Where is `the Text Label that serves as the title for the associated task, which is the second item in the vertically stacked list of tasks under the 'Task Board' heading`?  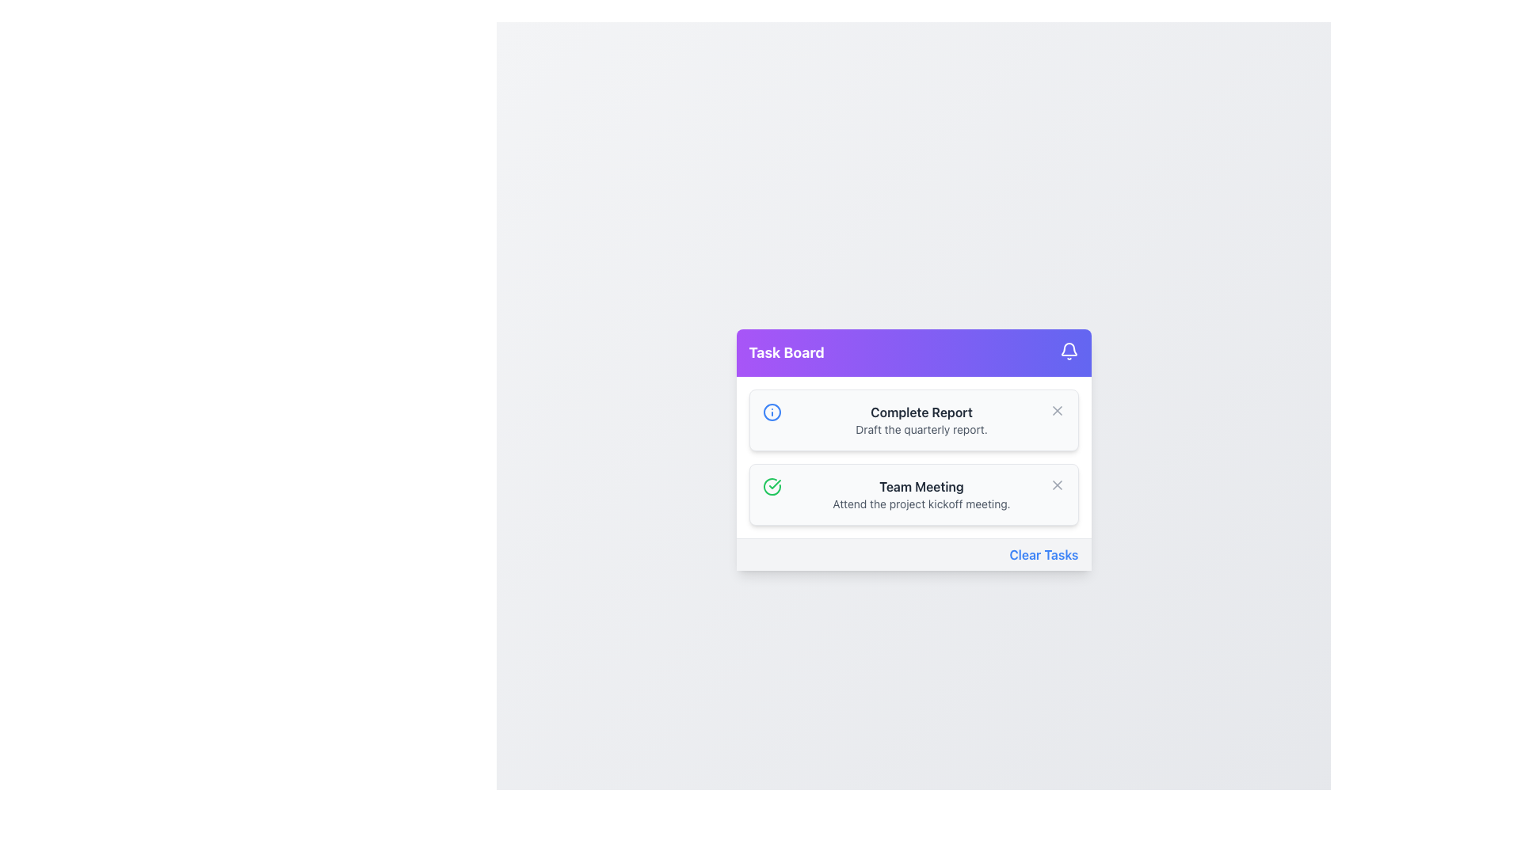 the Text Label that serves as the title for the associated task, which is the second item in the vertically stacked list of tasks under the 'Task Board' heading is located at coordinates (921, 485).